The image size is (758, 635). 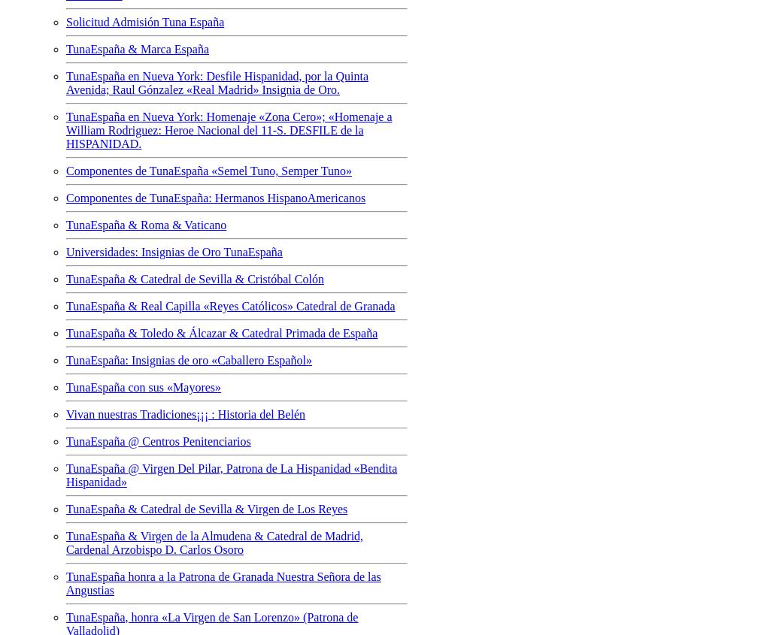 What do you see at coordinates (215, 197) in the screenshot?
I see `'Componentes de TunaEspaña: Hermanos HispanoAmericanos'` at bounding box center [215, 197].